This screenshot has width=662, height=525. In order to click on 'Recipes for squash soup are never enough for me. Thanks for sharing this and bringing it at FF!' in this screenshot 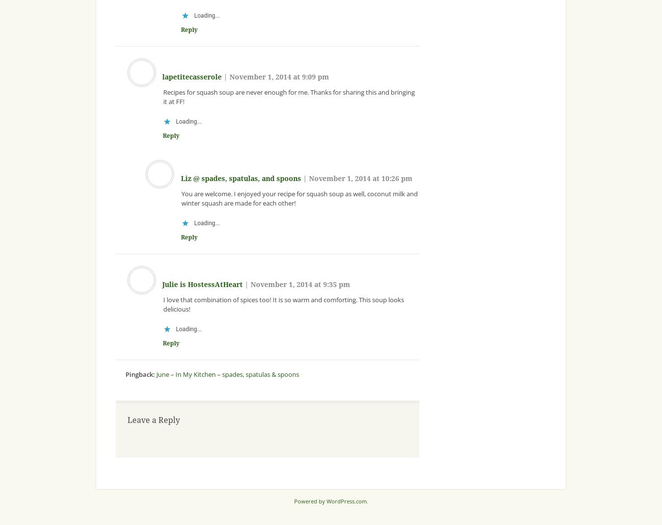, I will do `click(288, 96)`.